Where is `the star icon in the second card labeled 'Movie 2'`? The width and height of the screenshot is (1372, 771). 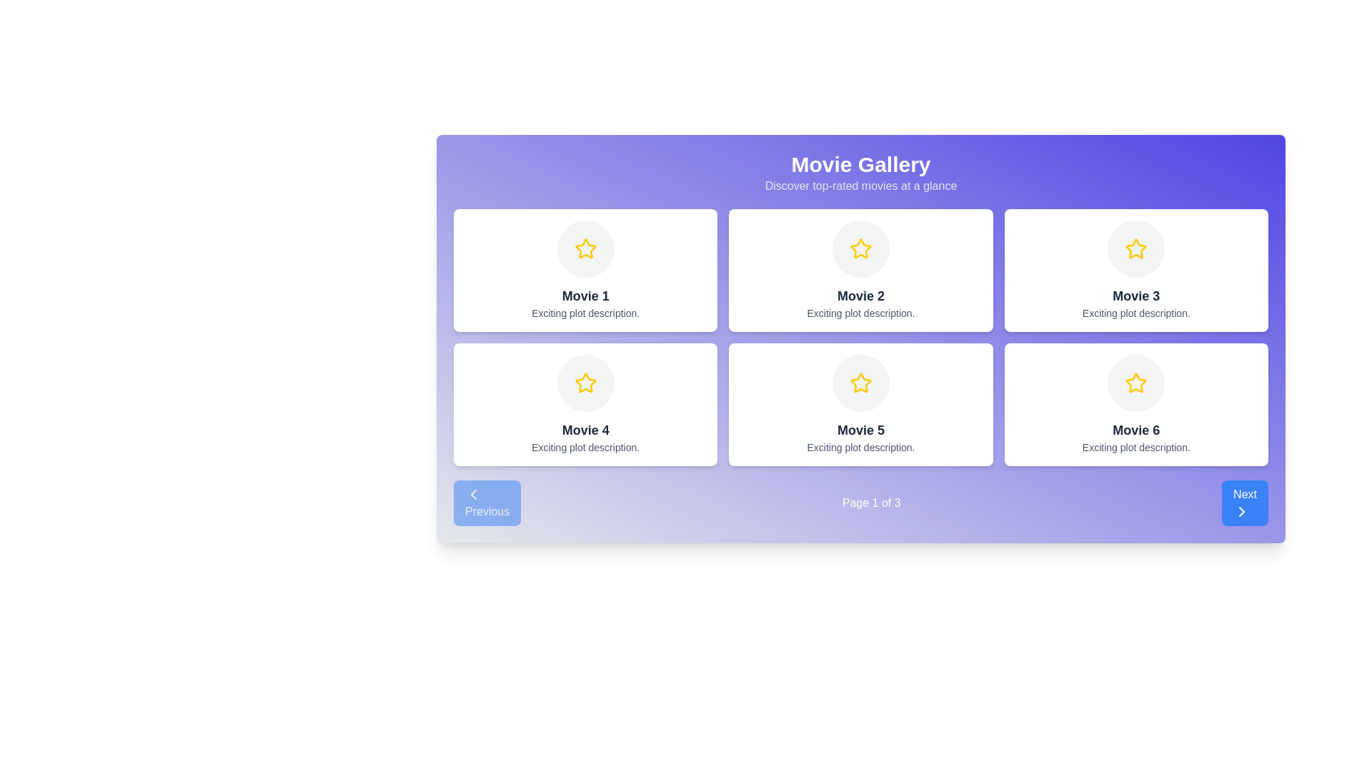
the star icon in the second card labeled 'Movie 2' is located at coordinates (860, 248).